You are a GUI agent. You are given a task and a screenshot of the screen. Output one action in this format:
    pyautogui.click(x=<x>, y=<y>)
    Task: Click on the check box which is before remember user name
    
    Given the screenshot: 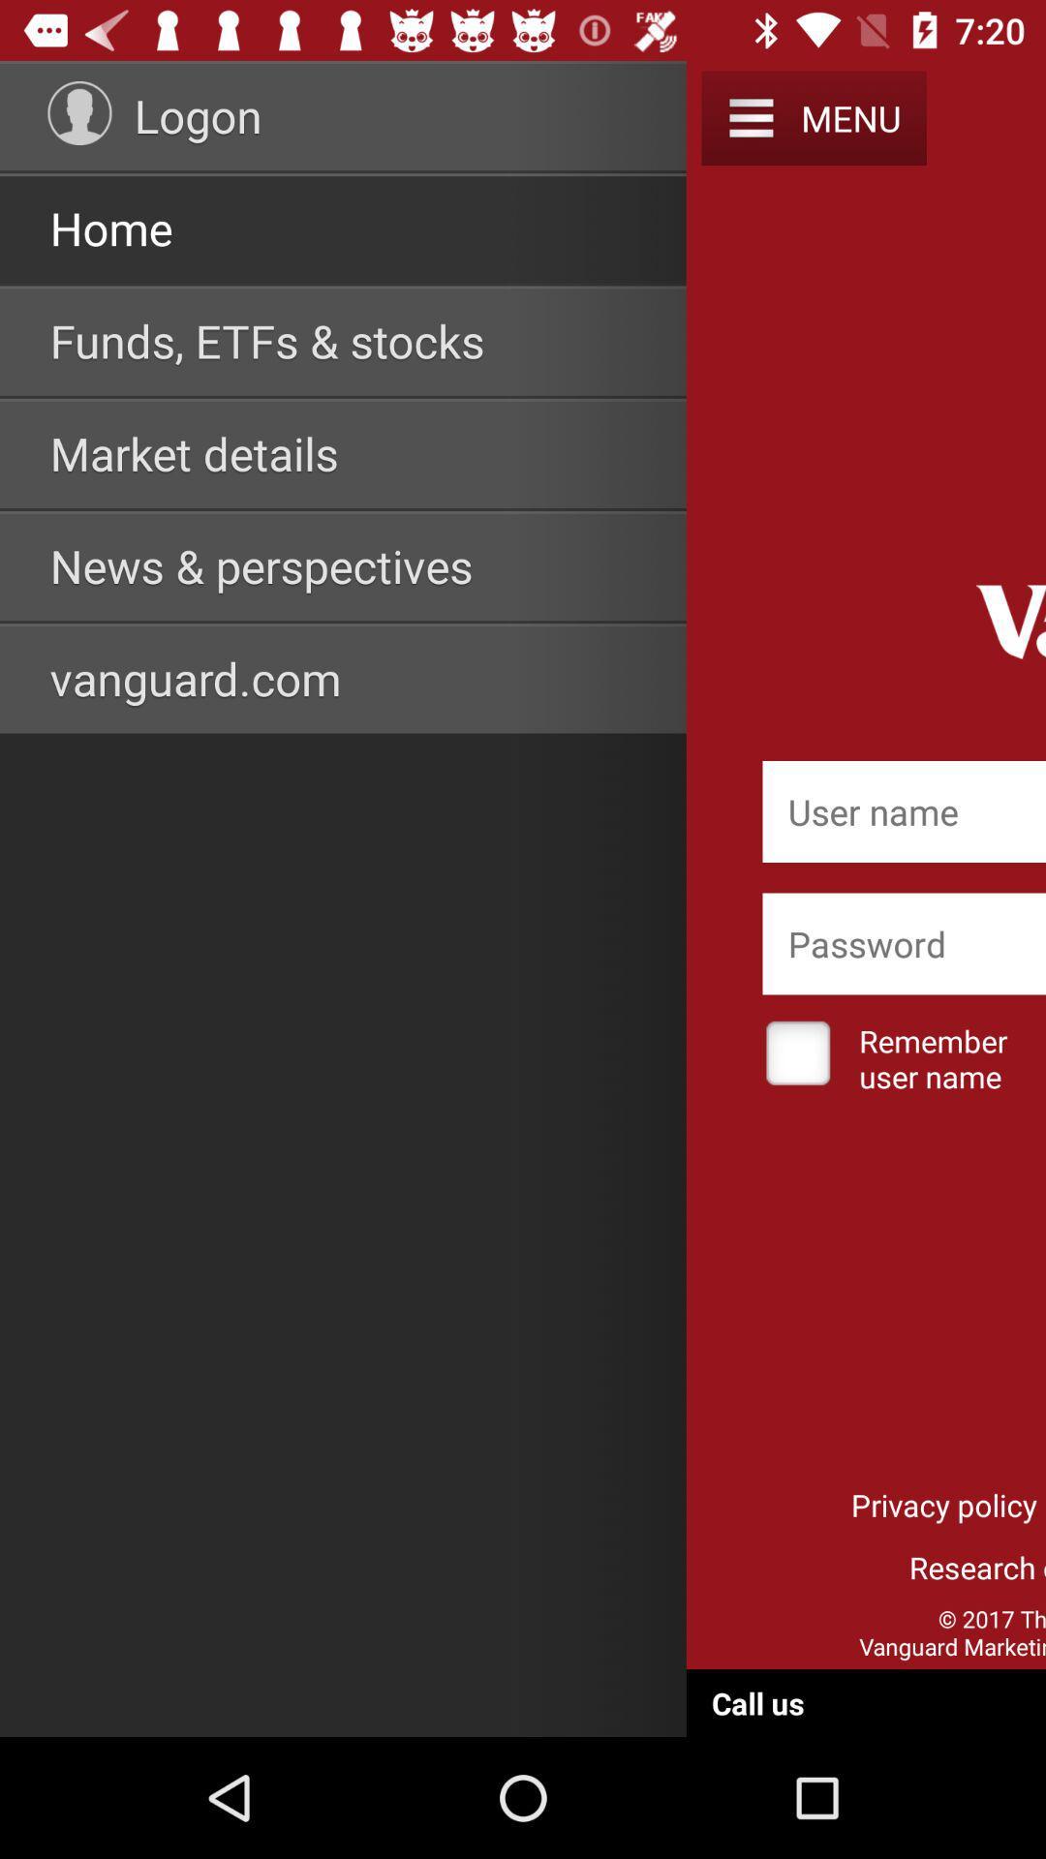 What is the action you would take?
    pyautogui.click(x=798, y=1054)
    